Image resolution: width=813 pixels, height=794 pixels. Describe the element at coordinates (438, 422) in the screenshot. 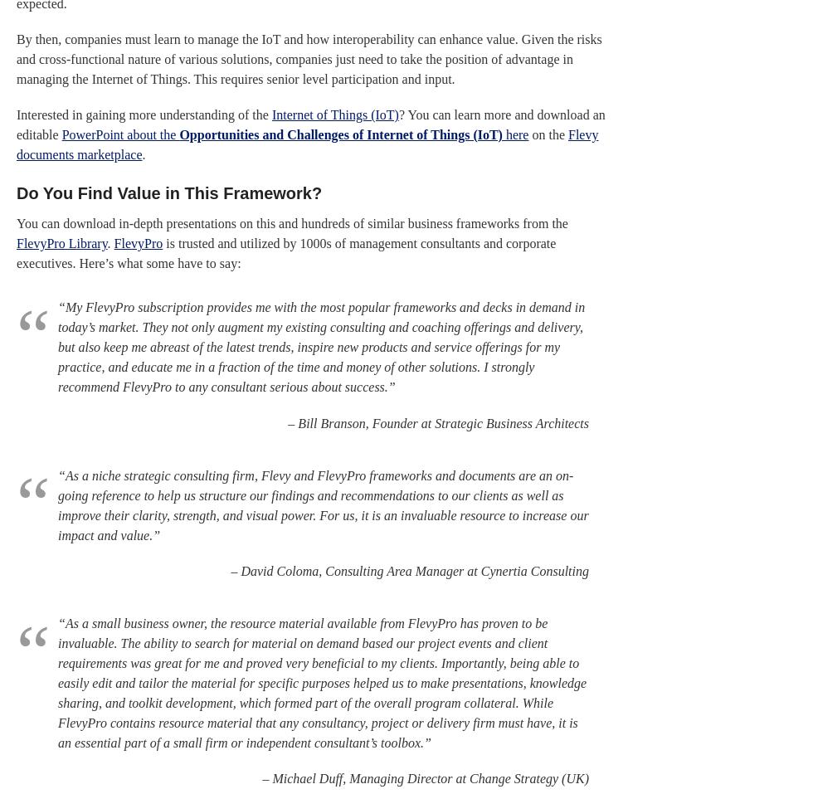

I see `'– Bill Branson, Founder at Strategic Business Architects'` at that location.